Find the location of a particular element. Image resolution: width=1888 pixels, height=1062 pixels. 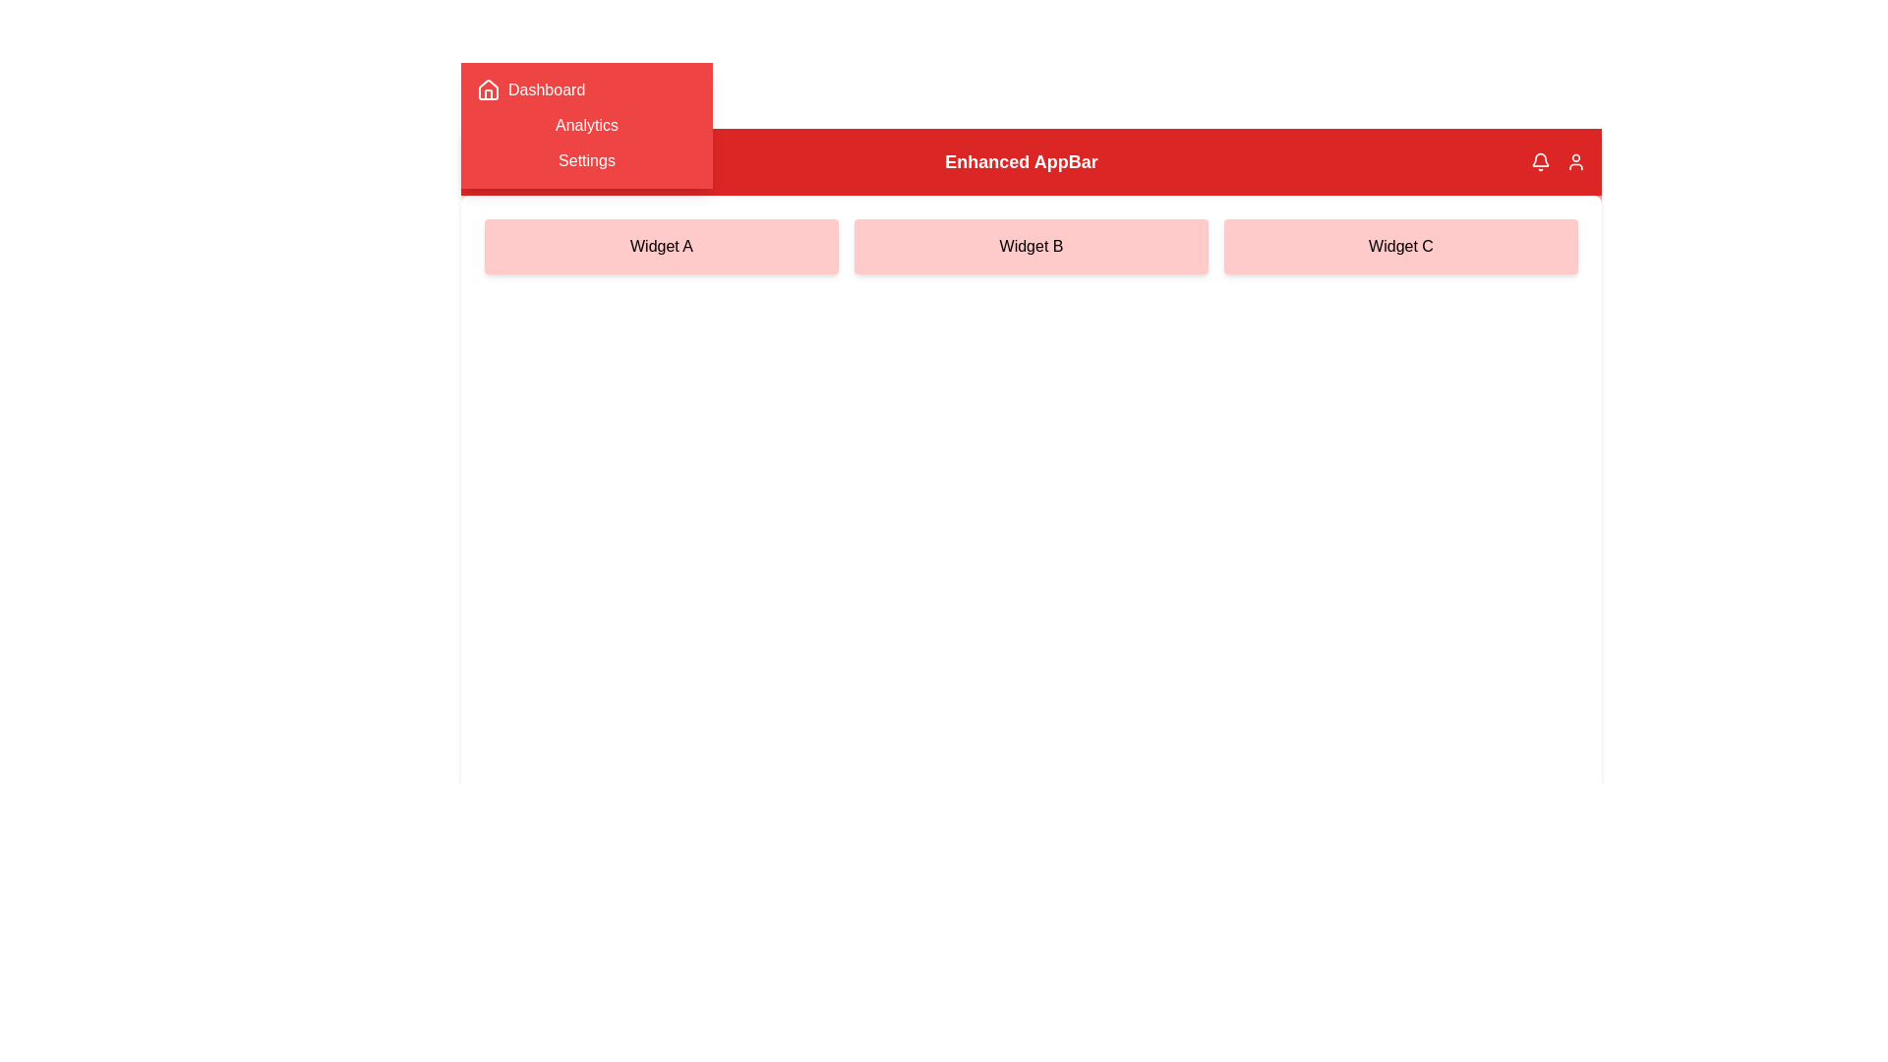

the navigation menu item Settings is located at coordinates (585, 160).